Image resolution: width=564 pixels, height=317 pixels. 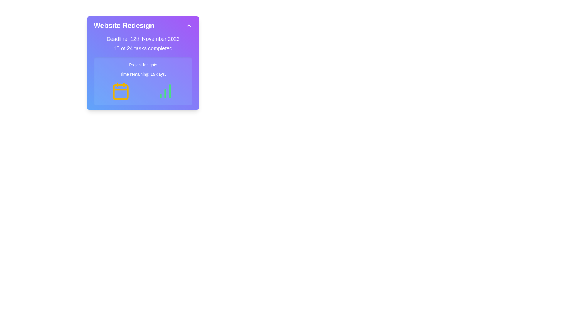 What do you see at coordinates (143, 43) in the screenshot?
I see `the information displayed in the text element showing the deadline and completion summary for the 'Website Redesign' project` at bounding box center [143, 43].